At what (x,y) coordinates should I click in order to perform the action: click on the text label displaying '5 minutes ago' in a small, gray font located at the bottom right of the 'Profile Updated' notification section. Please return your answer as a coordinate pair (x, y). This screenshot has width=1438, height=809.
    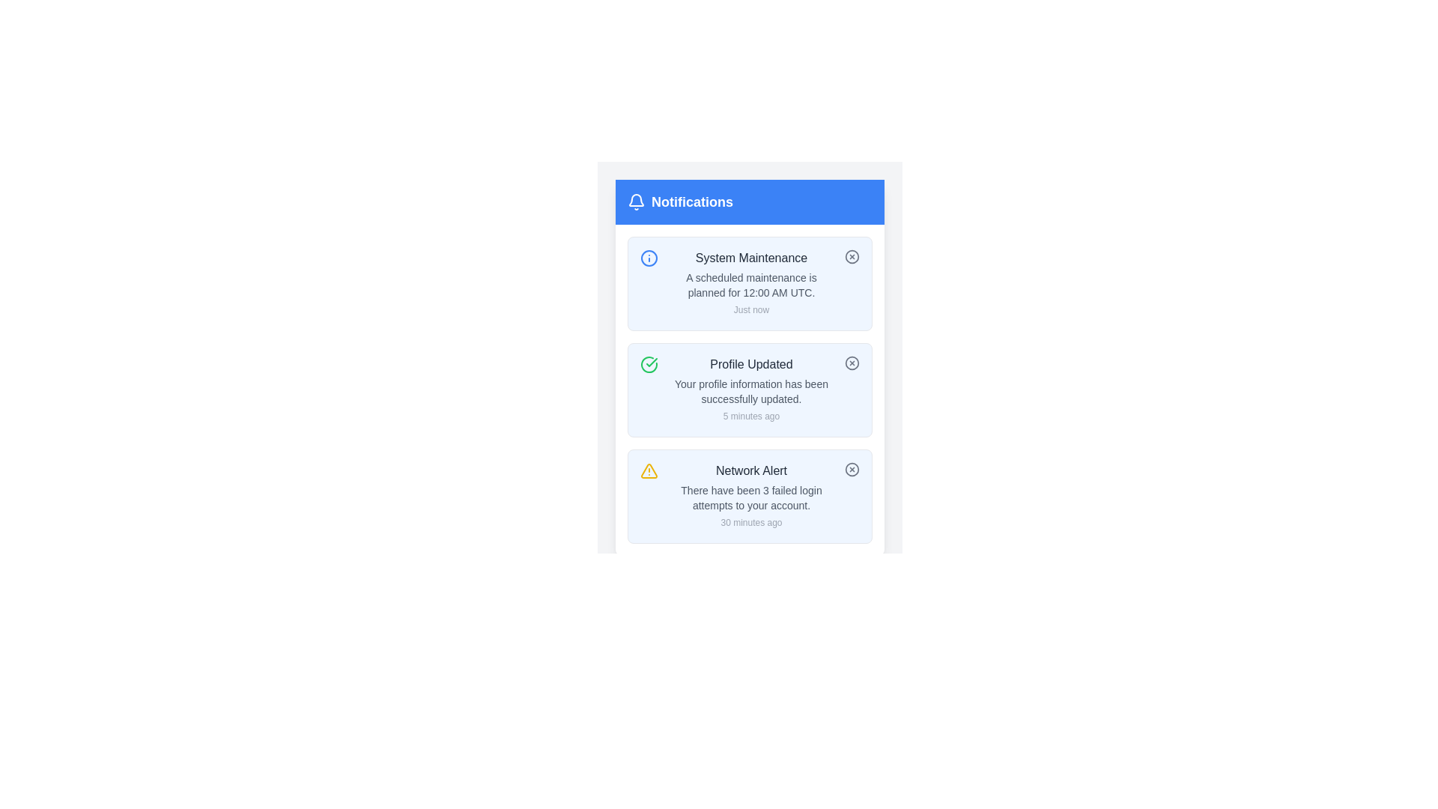
    Looking at the image, I should click on (751, 416).